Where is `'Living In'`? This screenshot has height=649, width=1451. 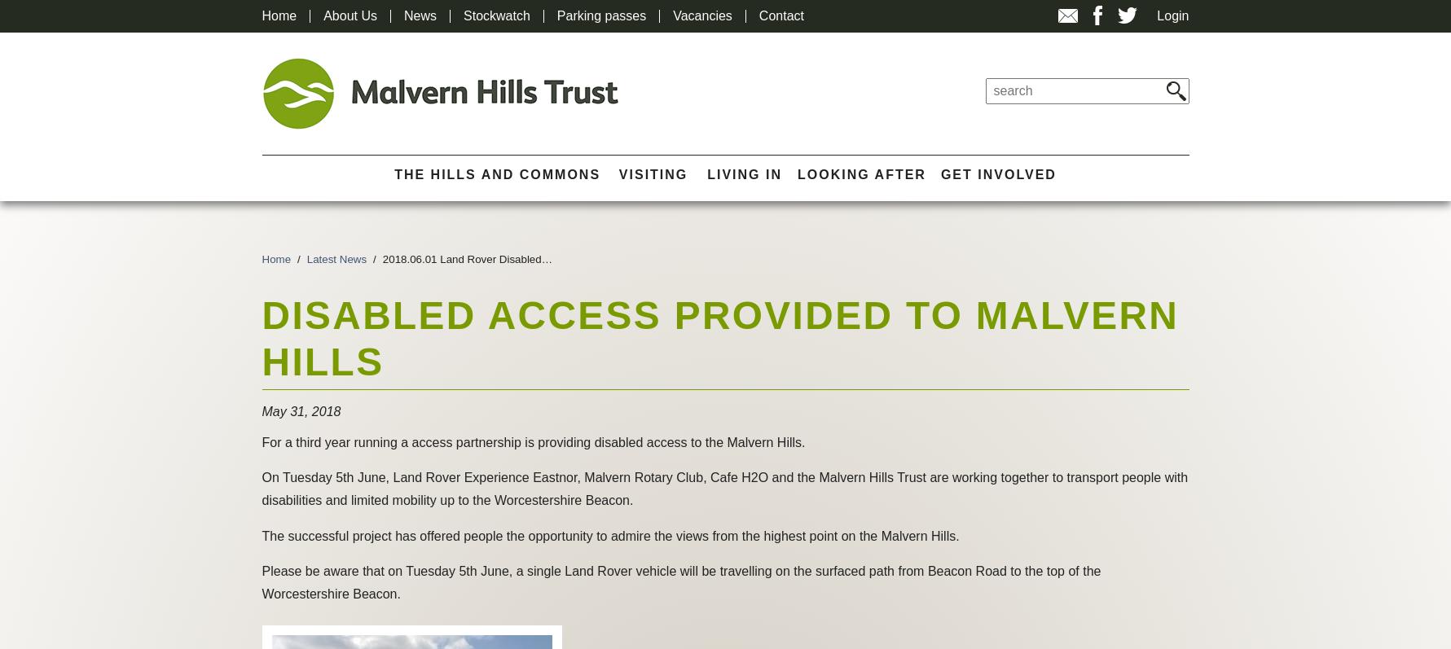 'Living In' is located at coordinates (743, 173).